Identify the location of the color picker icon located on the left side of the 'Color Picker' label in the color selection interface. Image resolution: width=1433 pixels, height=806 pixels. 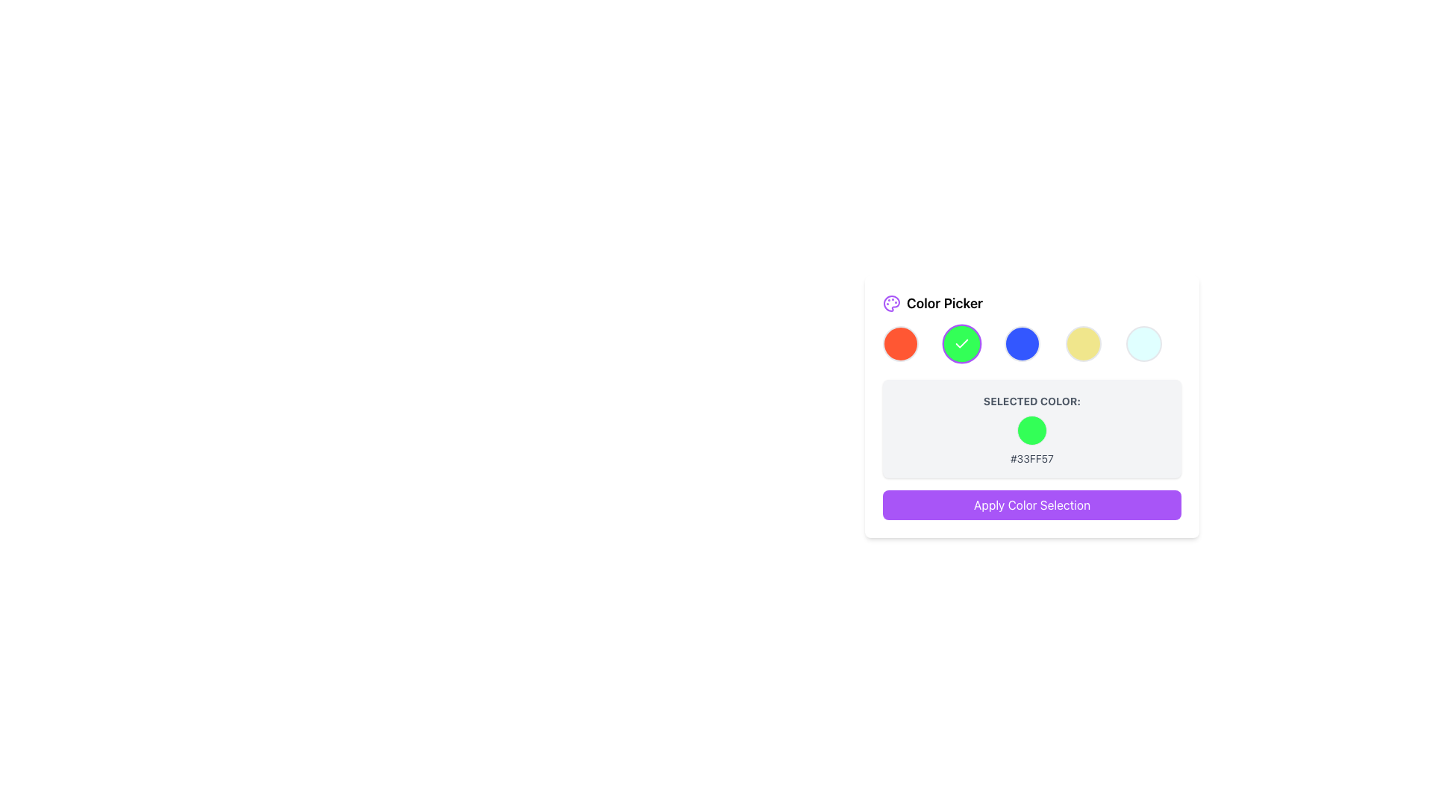
(892, 303).